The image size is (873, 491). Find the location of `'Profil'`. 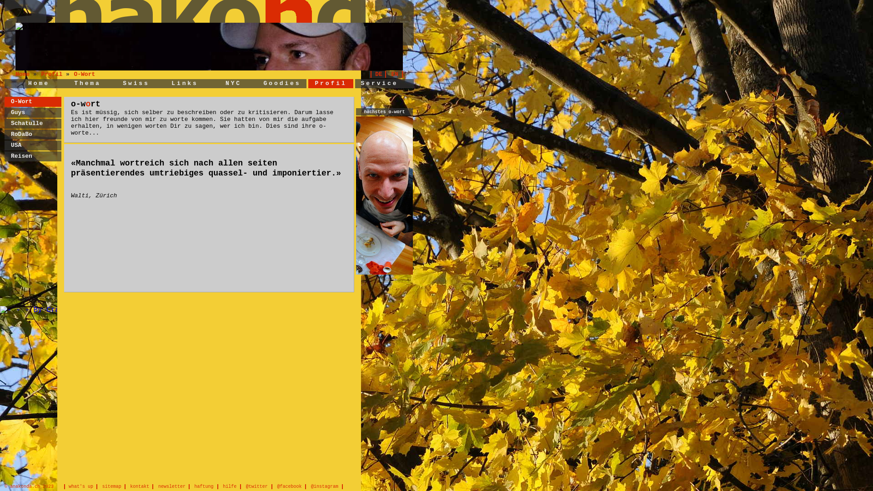

'Profil' is located at coordinates (40, 74).